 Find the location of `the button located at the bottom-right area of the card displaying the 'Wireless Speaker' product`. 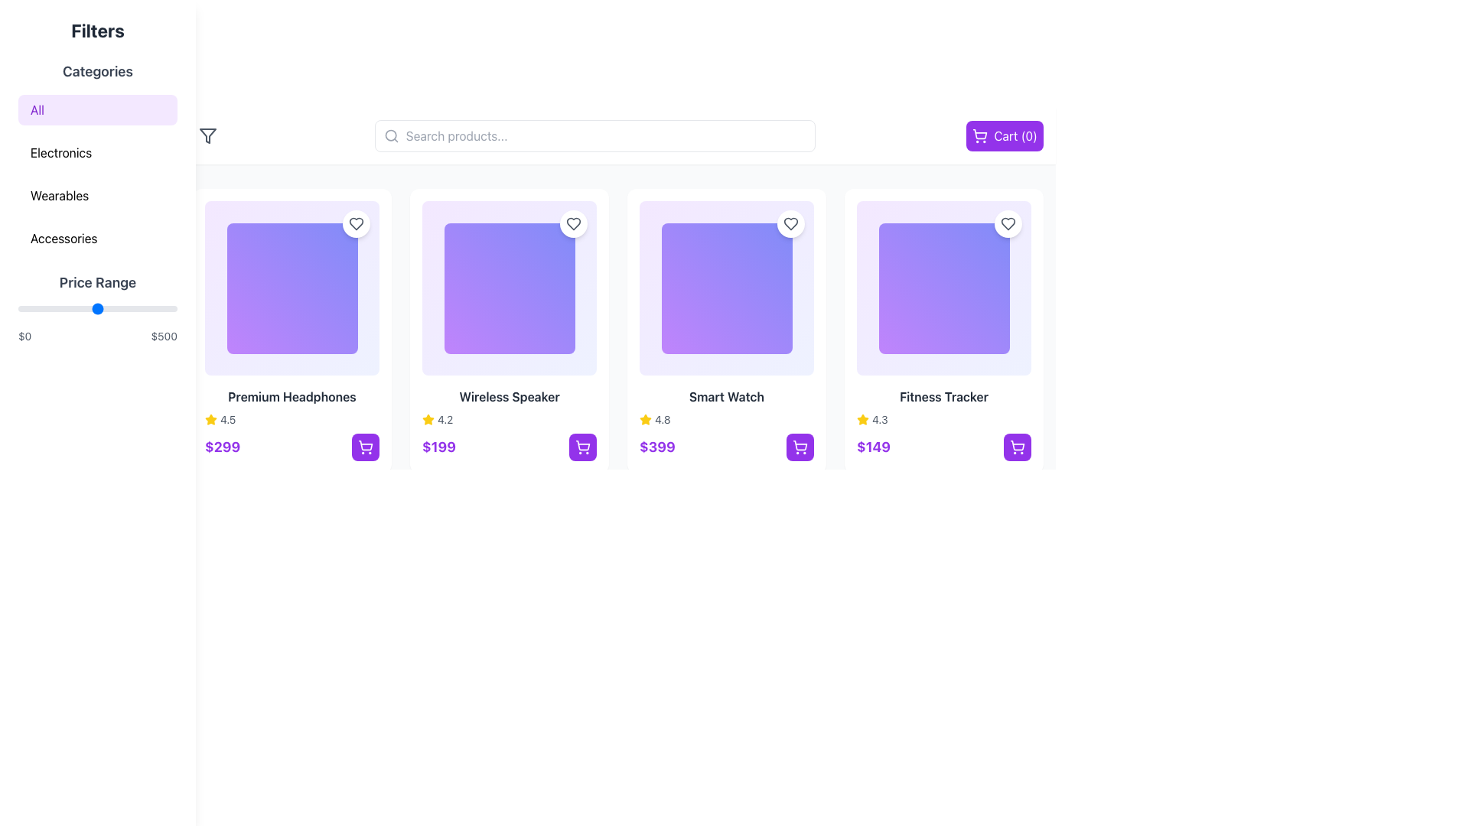

the button located at the bottom-right area of the card displaying the 'Wireless Speaker' product is located at coordinates (582, 447).